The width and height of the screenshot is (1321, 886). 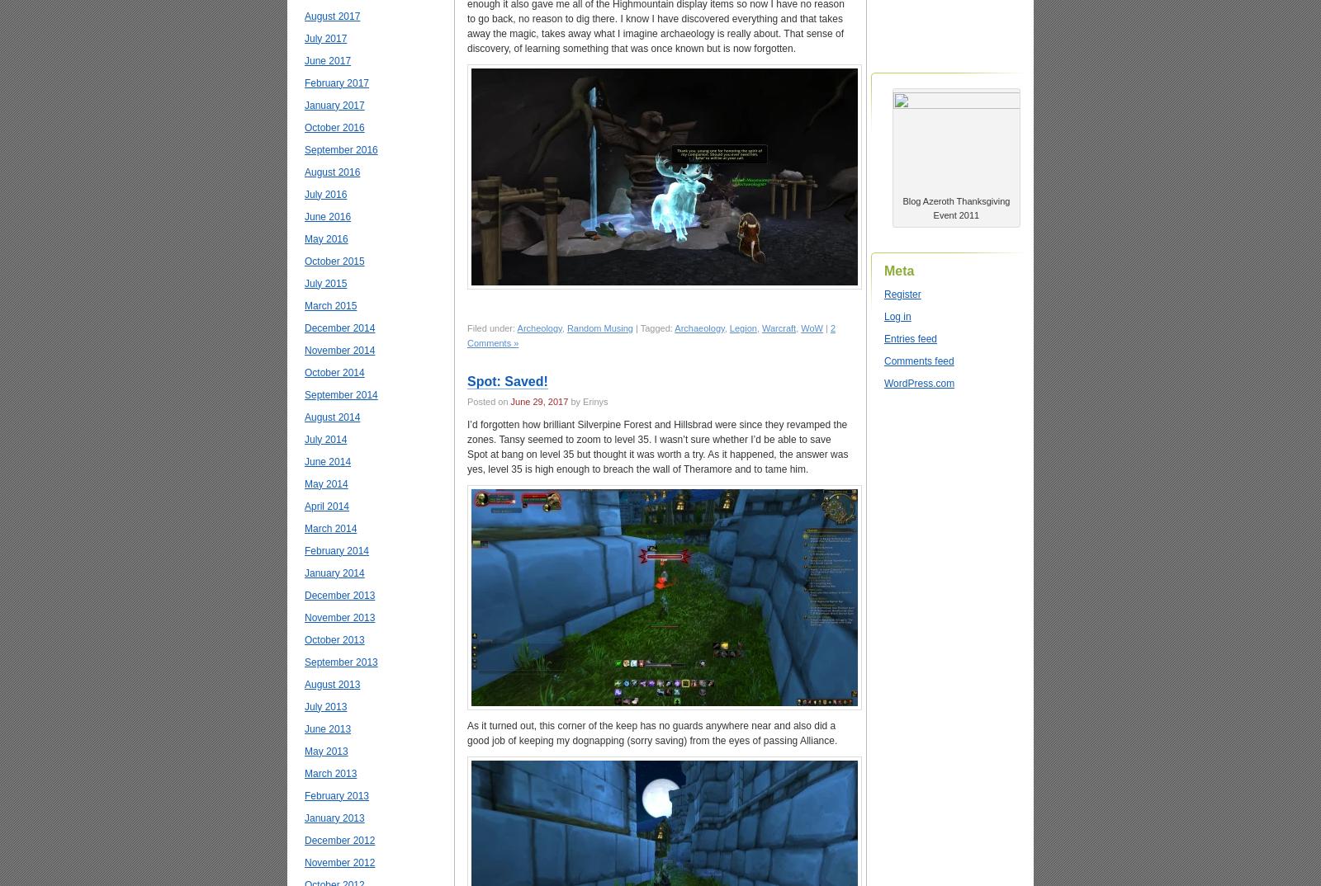 I want to click on 'February 2014', so click(x=336, y=549).